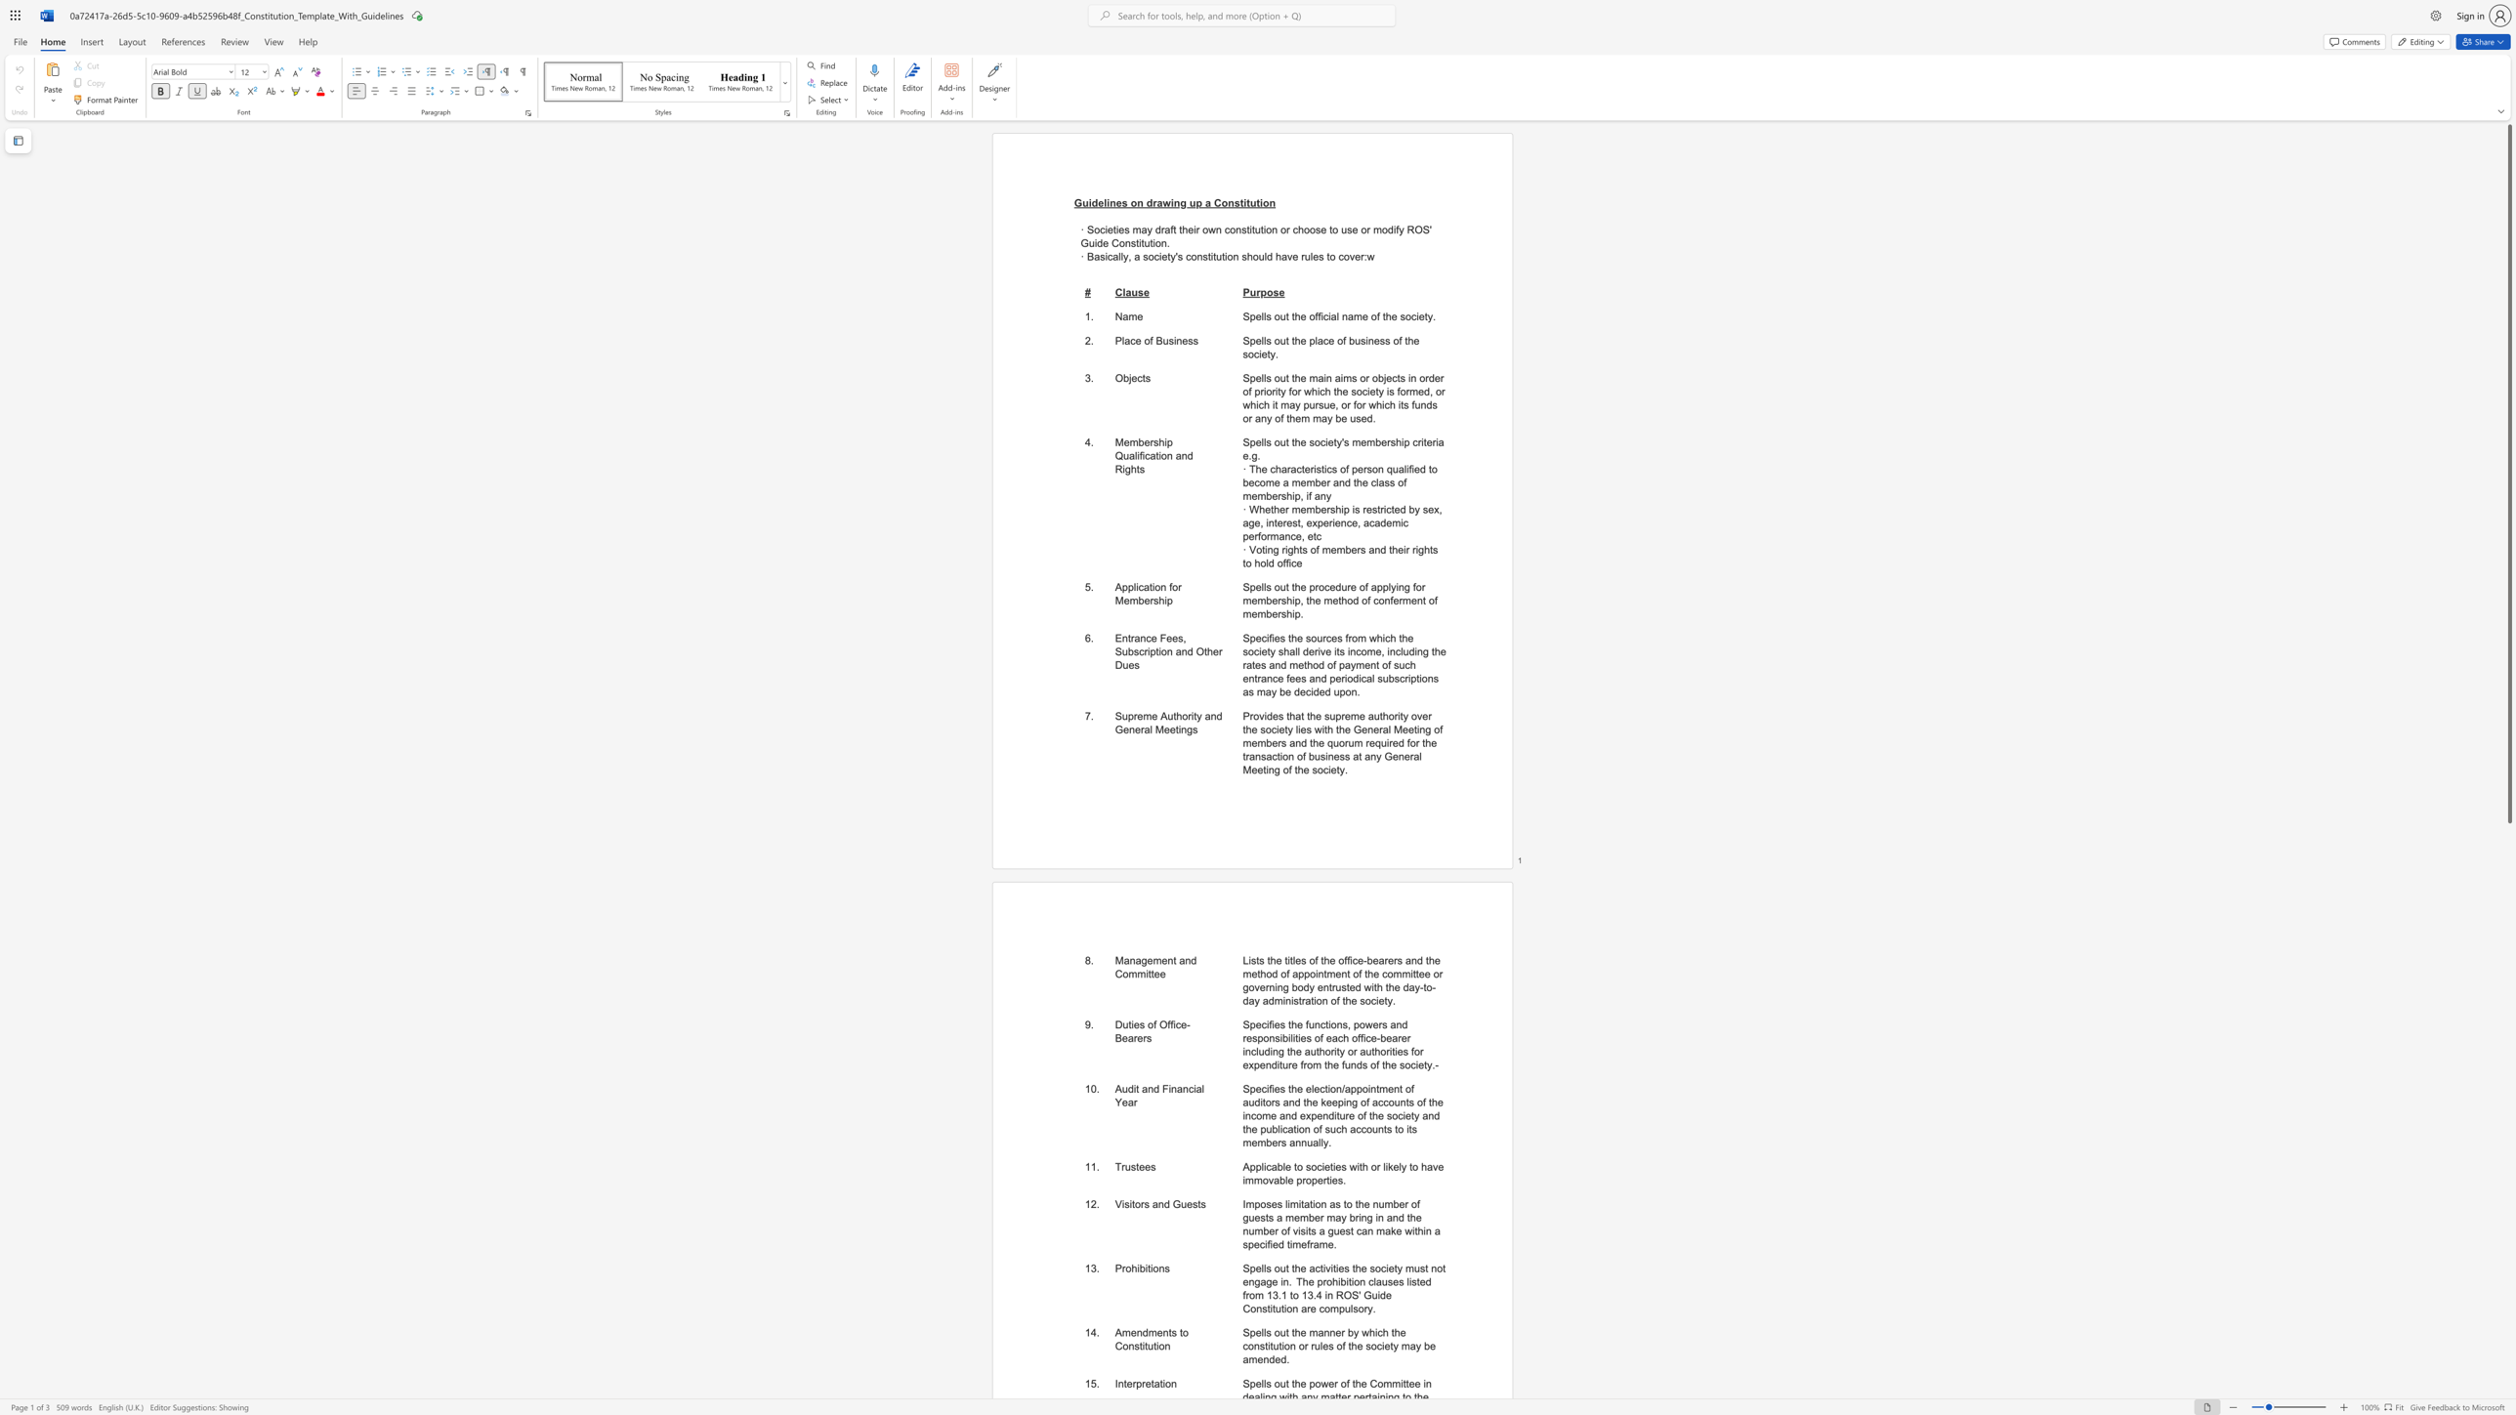 The image size is (2516, 1415). I want to click on the scrollbar to move the view down, so click(2508, 1342).